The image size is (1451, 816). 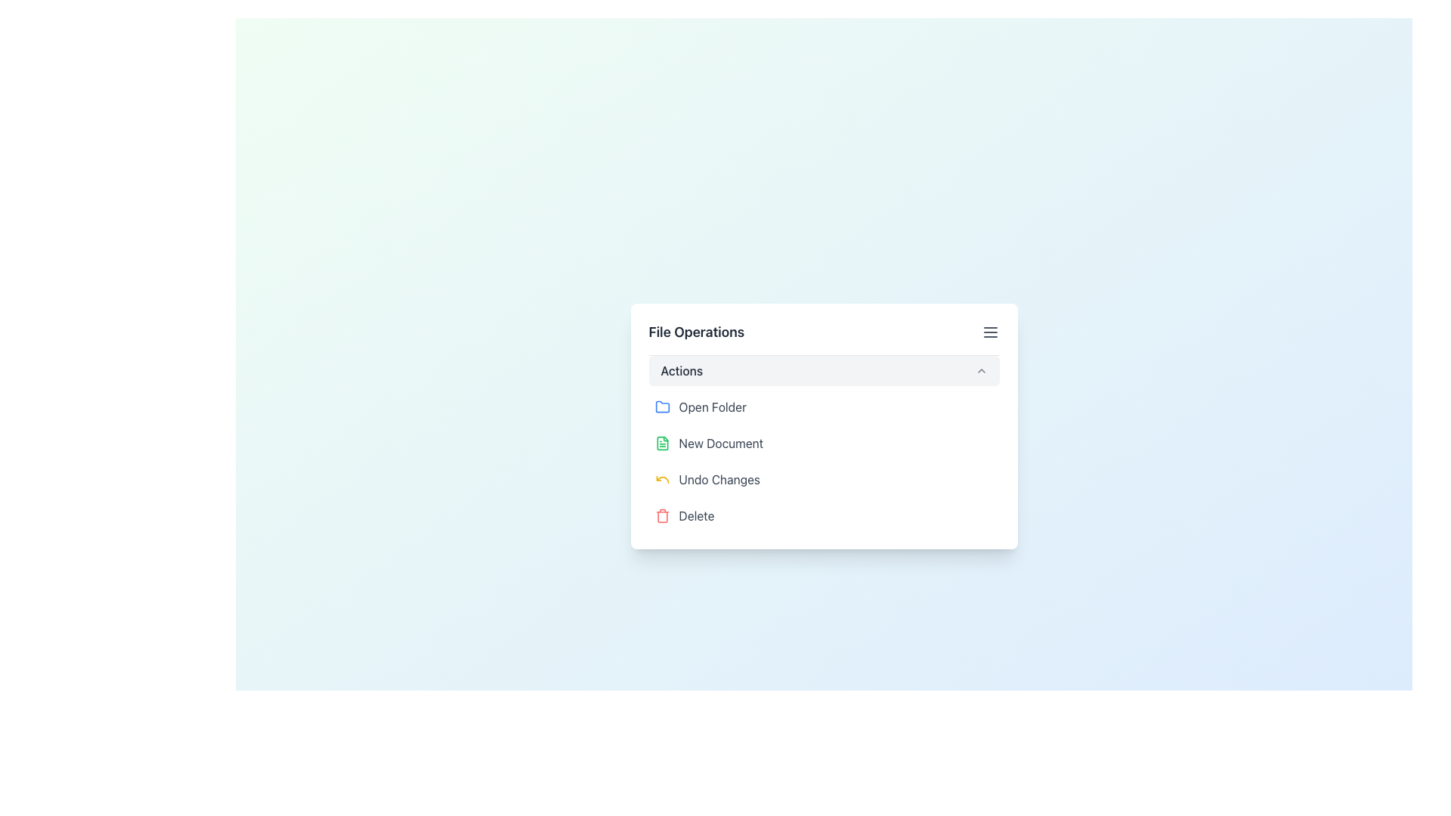 What do you see at coordinates (823, 442) in the screenshot?
I see `the 'Create New Document' button located in the 'File Operations' section under 'Actions', which is the second item in the menu` at bounding box center [823, 442].